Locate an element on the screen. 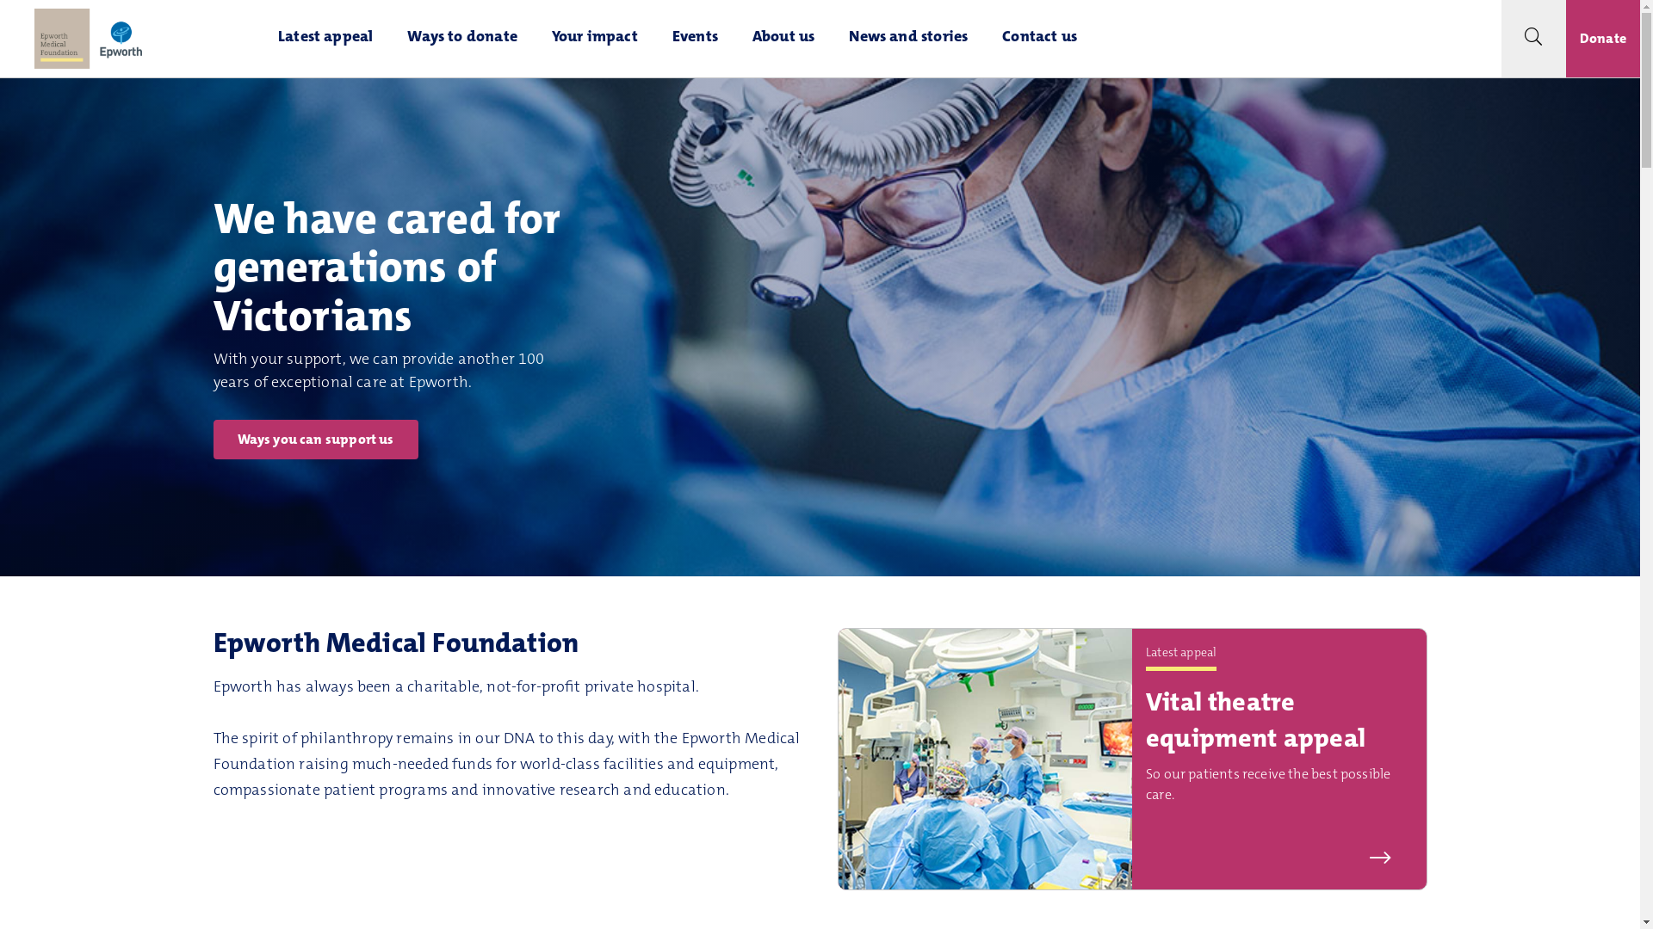  'Events' is located at coordinates (695, 39).